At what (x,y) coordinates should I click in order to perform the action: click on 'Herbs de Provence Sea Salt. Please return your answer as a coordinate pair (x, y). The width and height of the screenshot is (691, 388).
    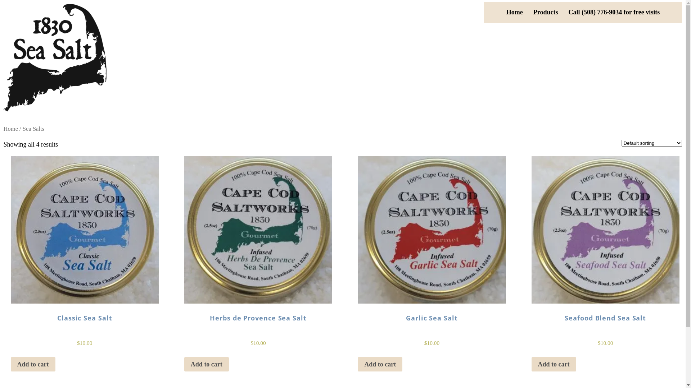
    Looking at the image, I should click on (258, 262).